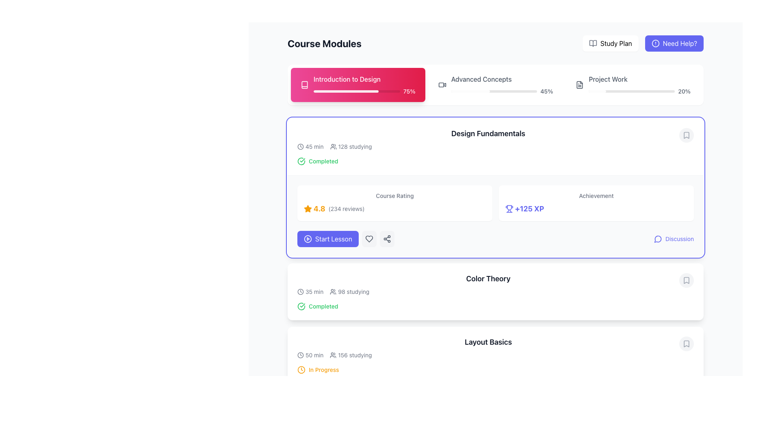  Describe the element at coordinates (304, 85) in the screenshot. I see `the book icon located in the top-left corner of the 'Introduction to Design' header, which features a gradient background and includes the text 'Introduction to Design' and a progress indicator showing '75%'` at that location.